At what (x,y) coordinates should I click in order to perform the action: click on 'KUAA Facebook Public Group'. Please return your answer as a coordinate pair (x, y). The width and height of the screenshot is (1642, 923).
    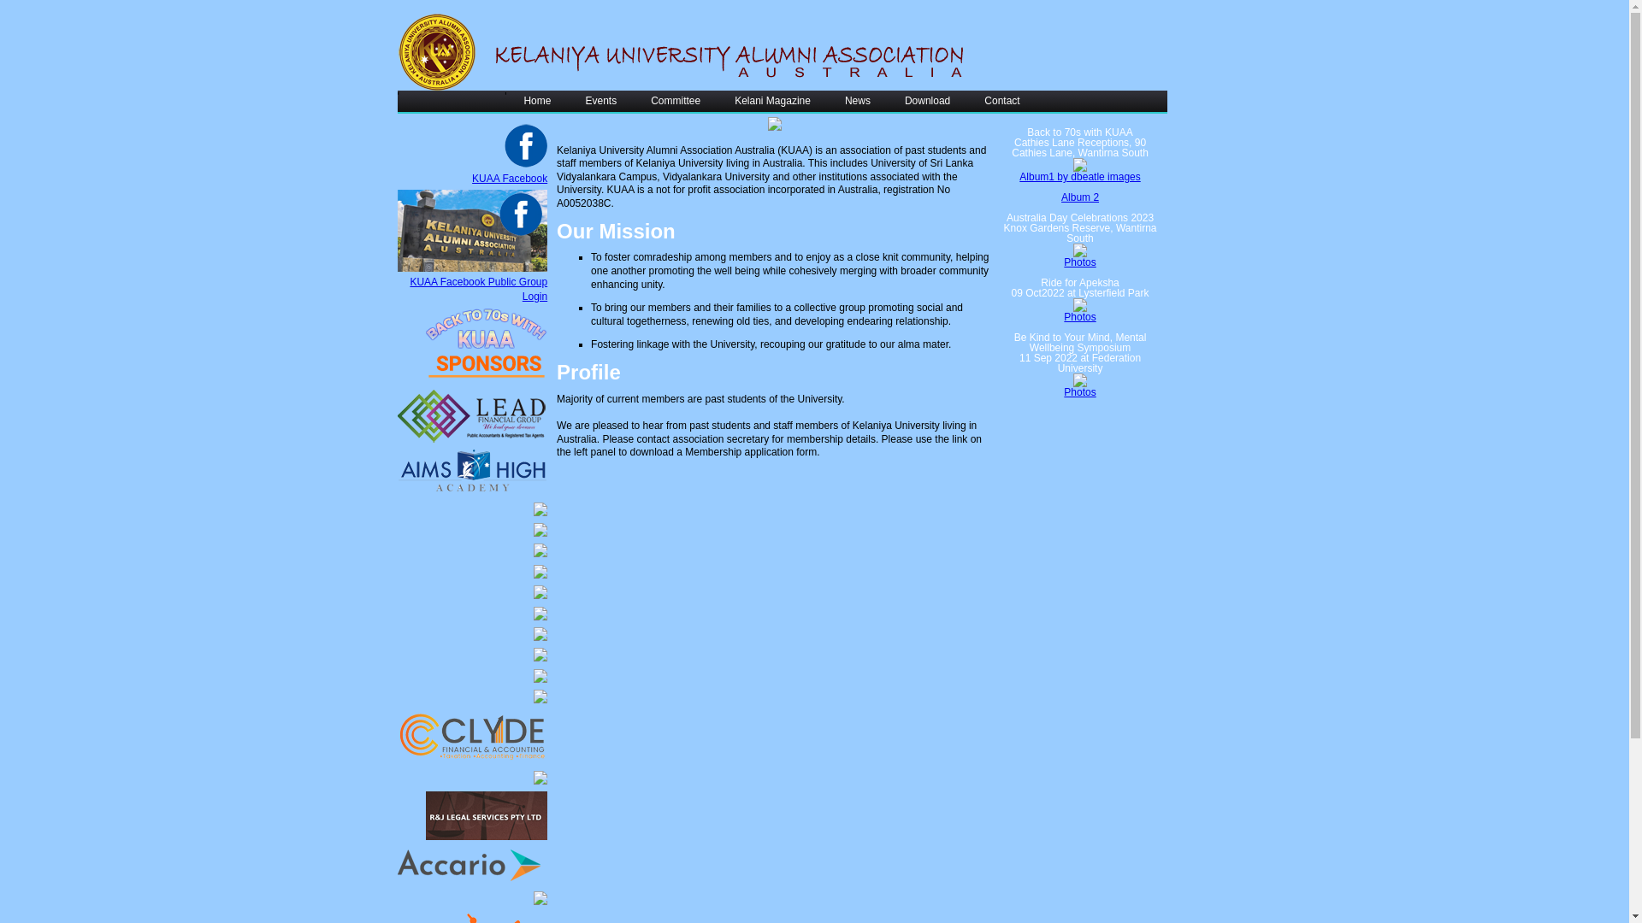
    Looking at the image, I should click on (409, 281).